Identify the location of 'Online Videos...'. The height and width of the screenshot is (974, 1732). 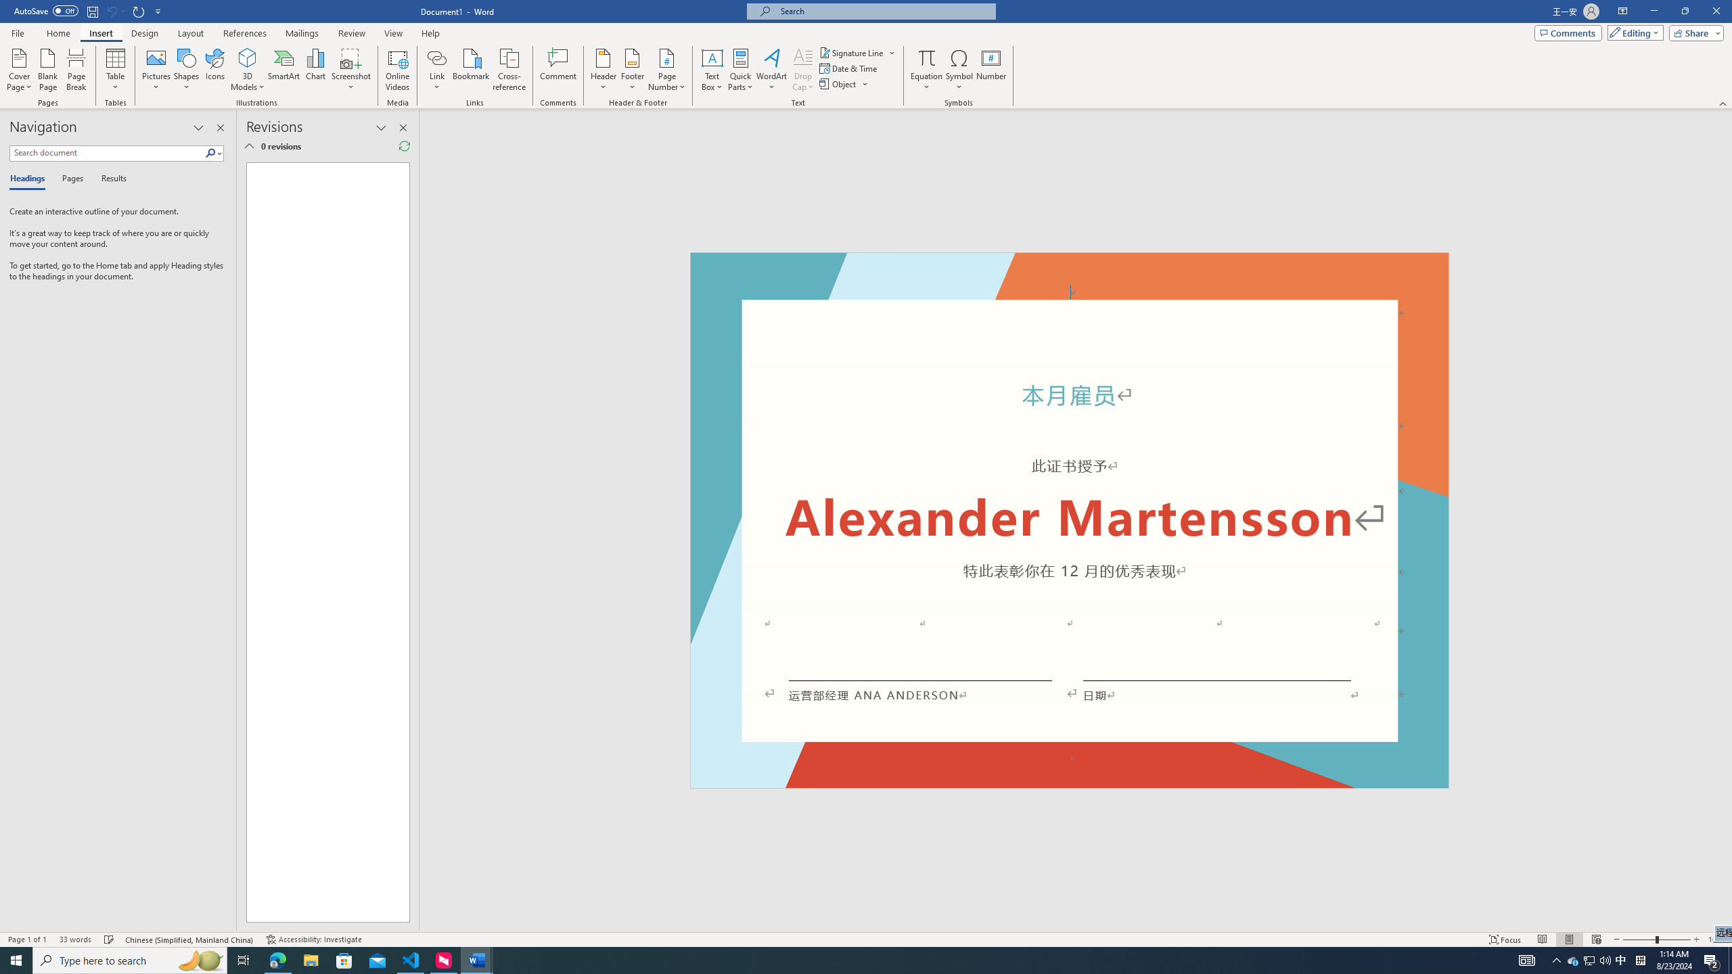
(397, 70).